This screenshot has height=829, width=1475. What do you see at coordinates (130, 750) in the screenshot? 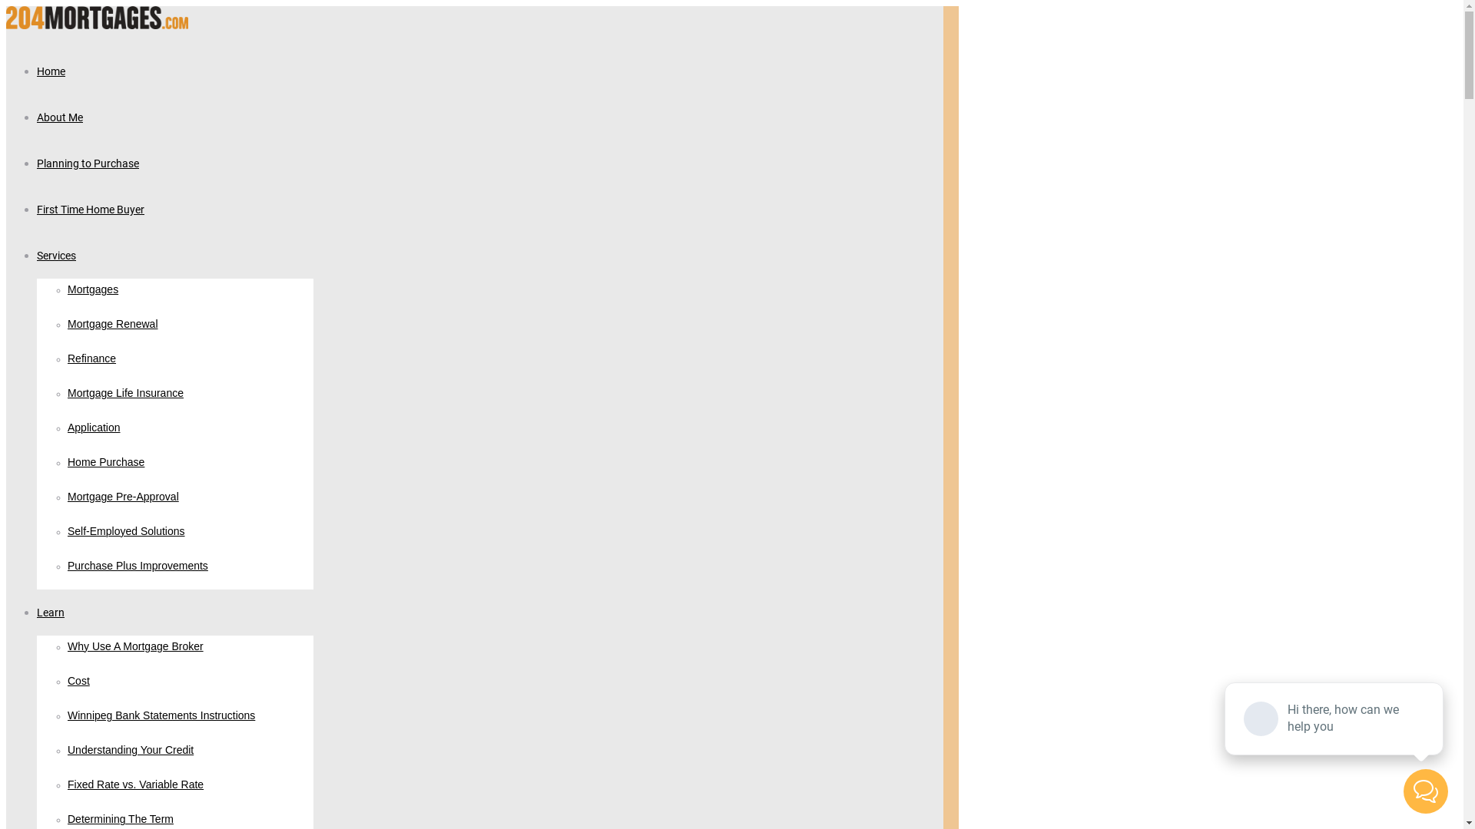
I see `'Understanding Your Credit'` at bounding box center [130, 750].